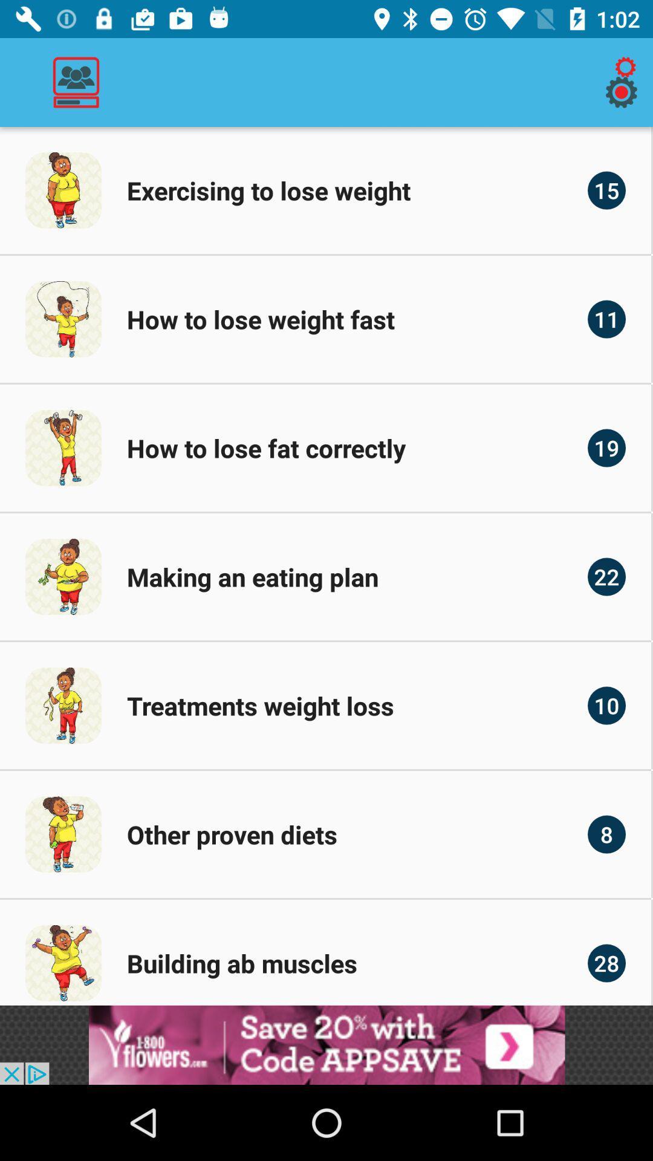  I want to click on the icon which is before other proven diets on page, so click(63, 834).